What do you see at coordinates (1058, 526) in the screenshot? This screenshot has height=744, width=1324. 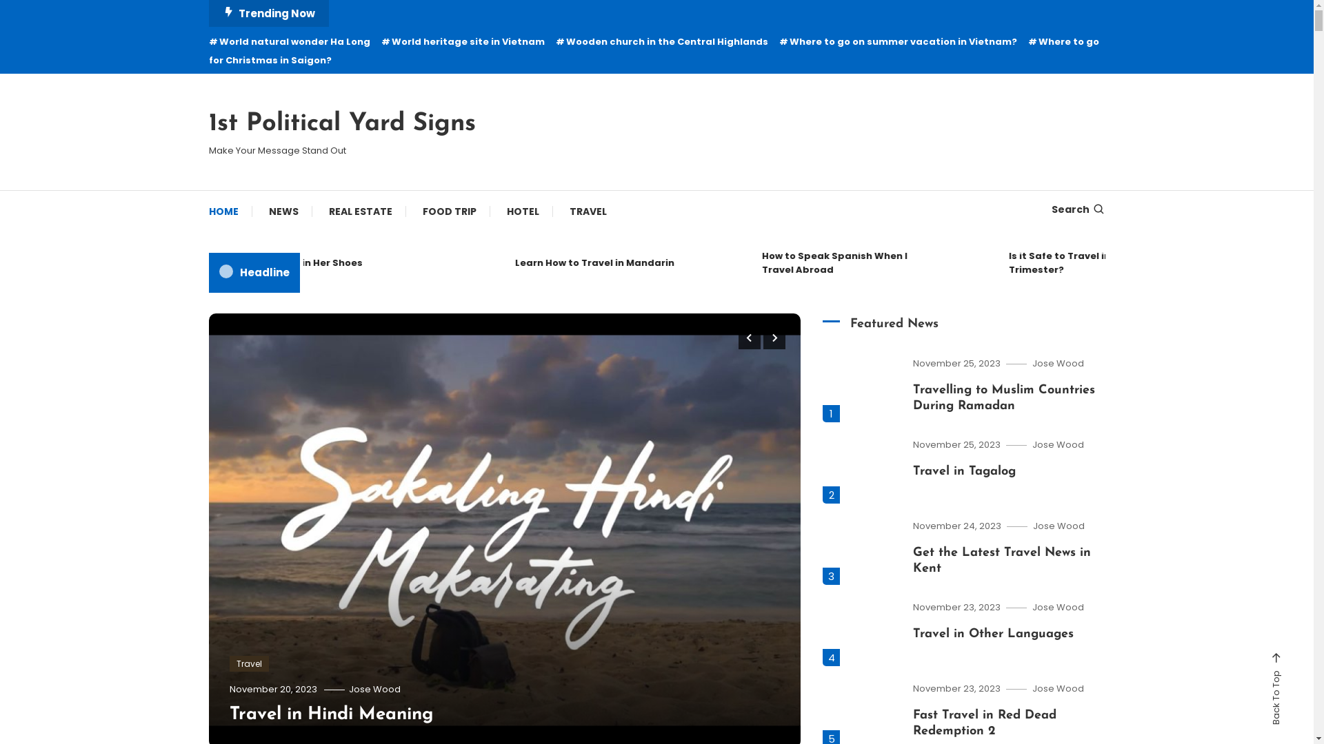 I see `'Jose Wood'` at bounding box center [1058, 526].